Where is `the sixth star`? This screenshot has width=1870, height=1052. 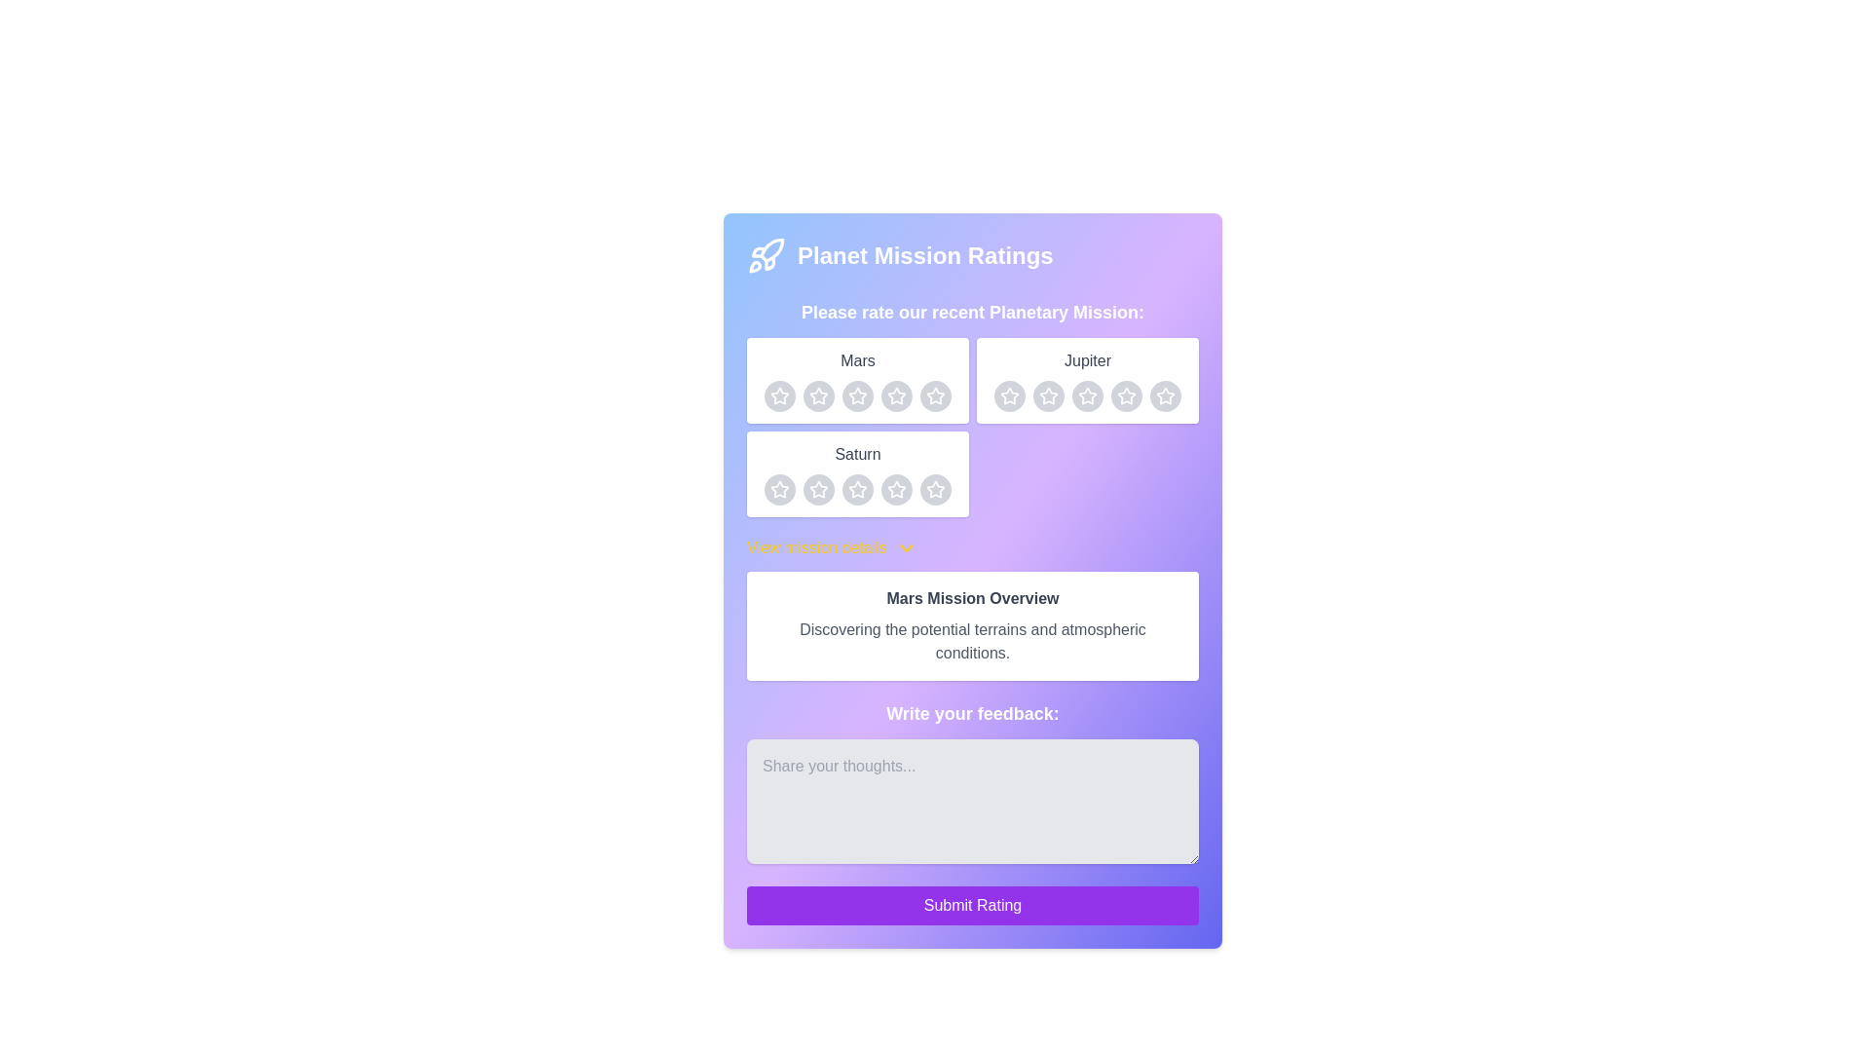
the sixth star is located at coordinates (1165, 395).